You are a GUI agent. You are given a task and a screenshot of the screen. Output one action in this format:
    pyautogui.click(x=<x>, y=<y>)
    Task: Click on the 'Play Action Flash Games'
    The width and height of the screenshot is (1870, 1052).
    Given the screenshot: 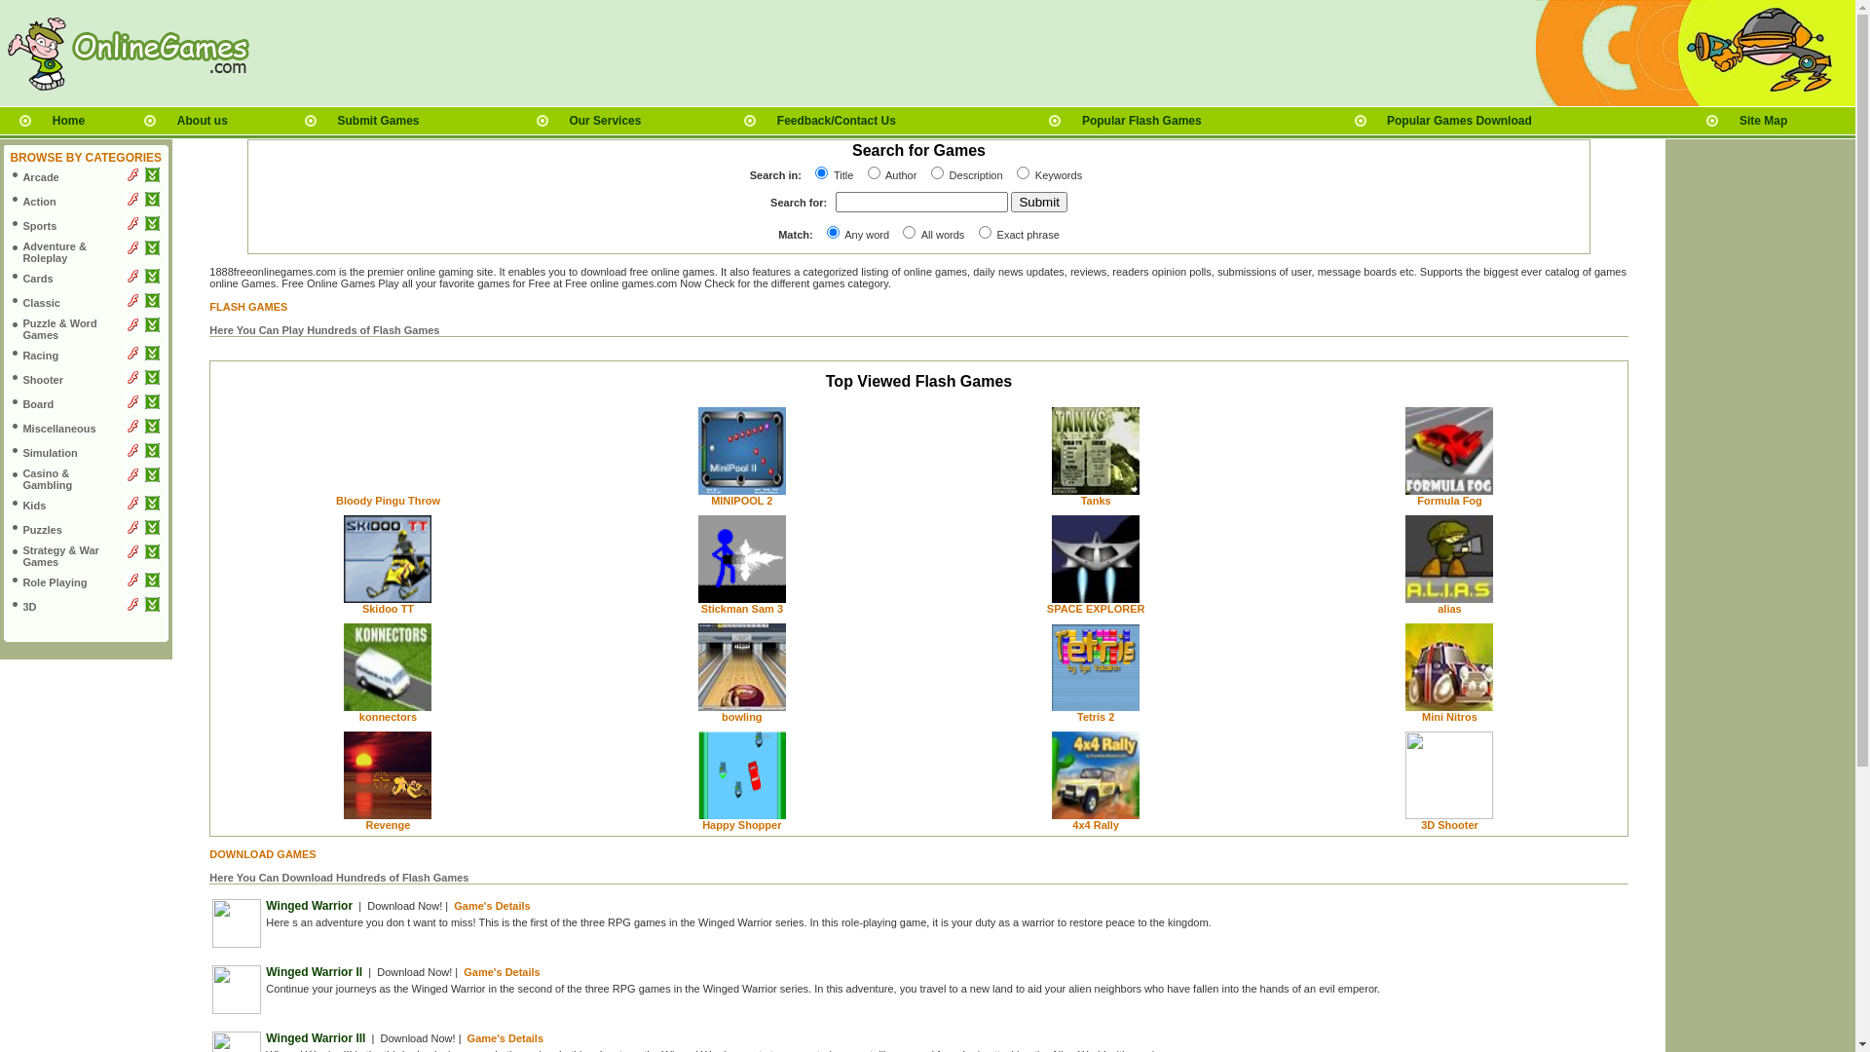 What is the action you would take?
    pyautogui.click(x=125, y=203)
    